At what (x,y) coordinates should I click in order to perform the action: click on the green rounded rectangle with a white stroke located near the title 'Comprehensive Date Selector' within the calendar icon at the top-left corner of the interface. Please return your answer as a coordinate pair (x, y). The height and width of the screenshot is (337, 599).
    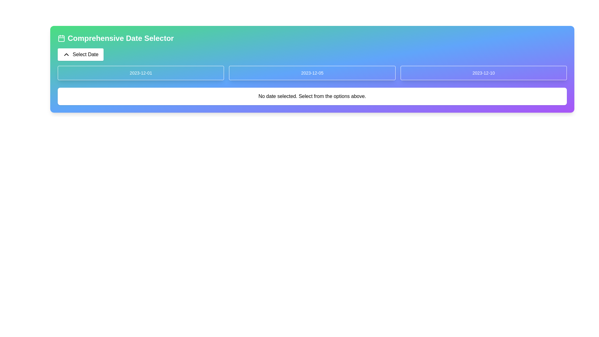
    Looking at the image, I should click on (61, 38).